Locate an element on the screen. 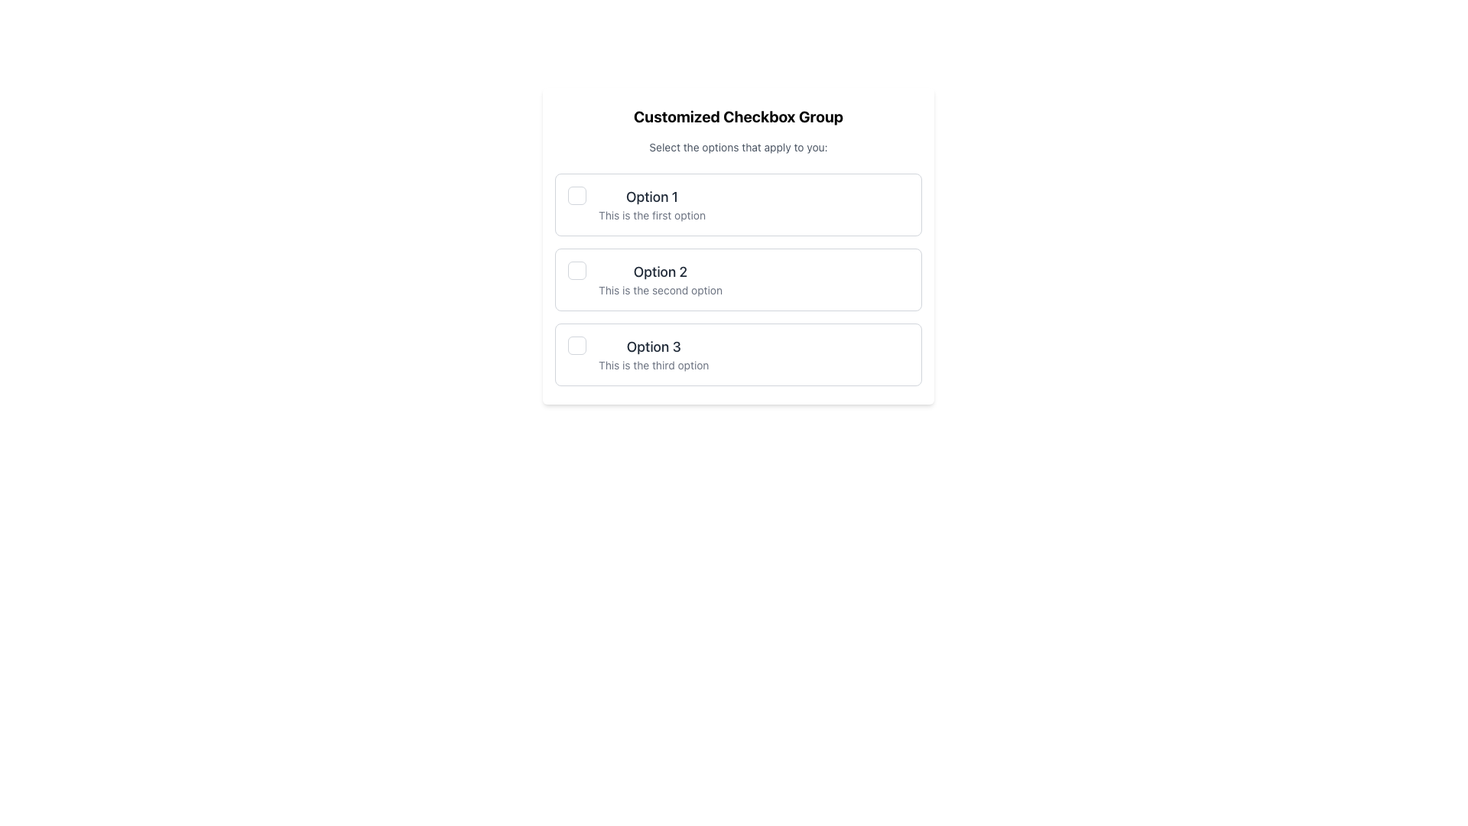  the third Text Label in the vertically stacked list of options, which provides a descriptive title and additional context for the third selectable option is located at coordinates (654, 354).